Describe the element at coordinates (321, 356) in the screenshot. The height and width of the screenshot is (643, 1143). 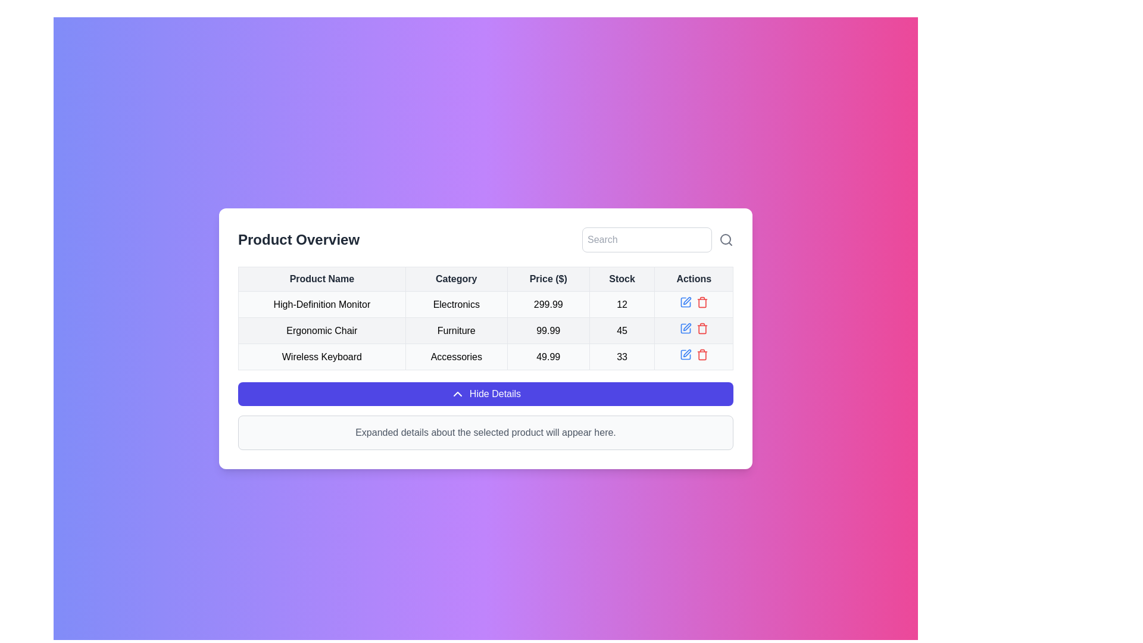
I see `the text label reading 'Wireless Keyboard', which is the first cell in the fourth row of the table under the 'Product Name' column` at that location.